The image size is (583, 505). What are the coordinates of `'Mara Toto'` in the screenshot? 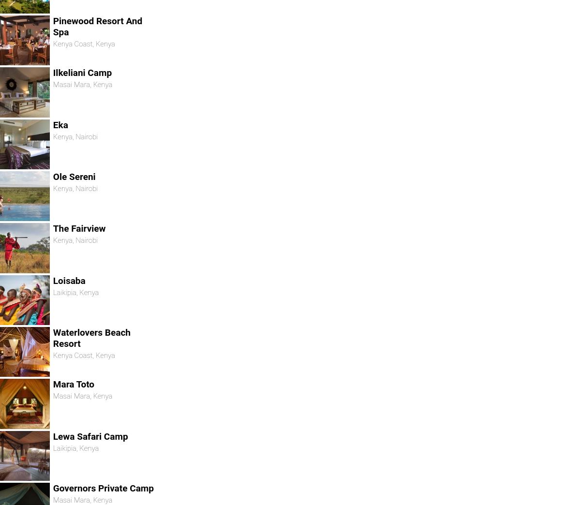 It's located at (73, 384).